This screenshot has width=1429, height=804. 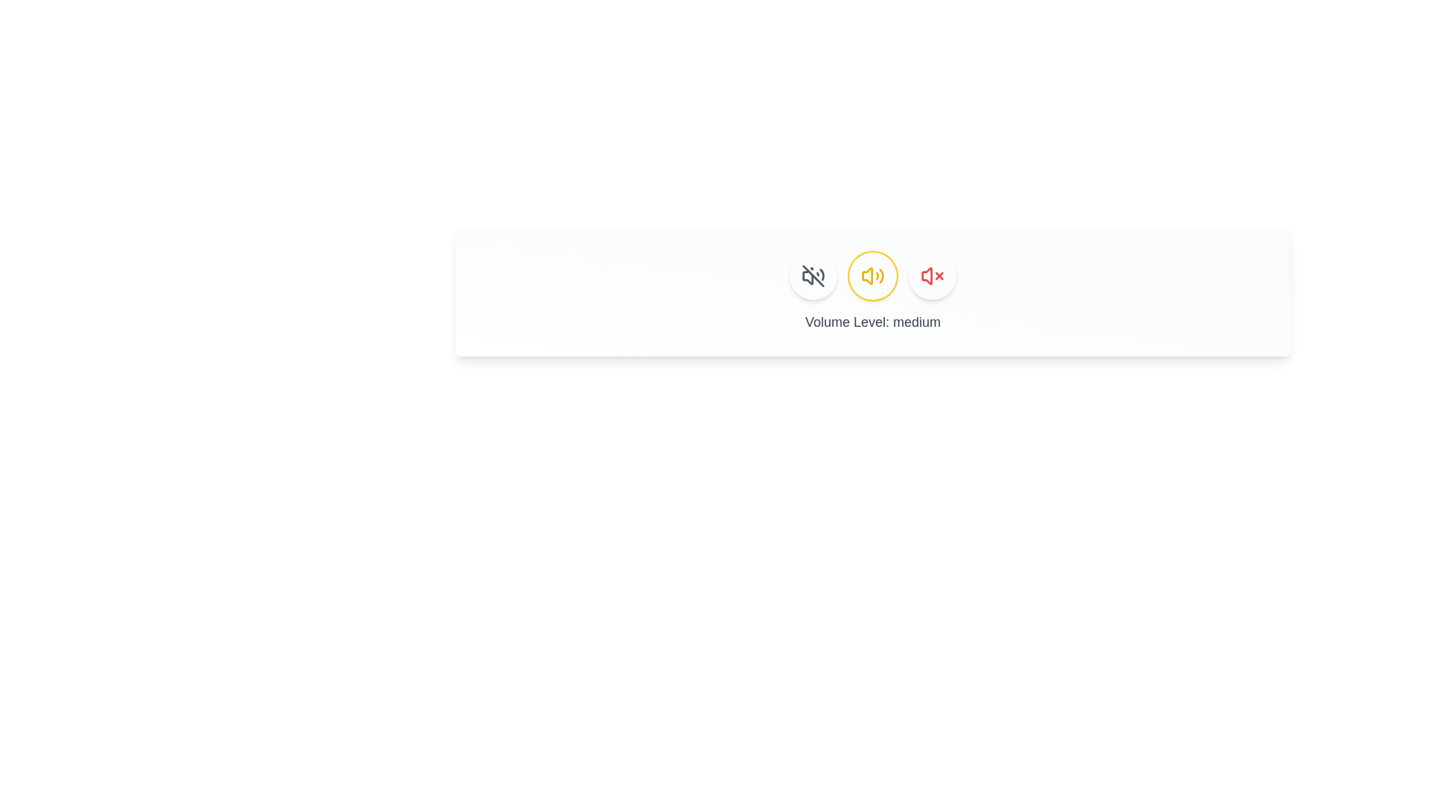 What do you see at coordinates (931, 275) in the screenshot?
I see `the button corresponding to silent to observe hover effects` at bounding box center [931, 275].